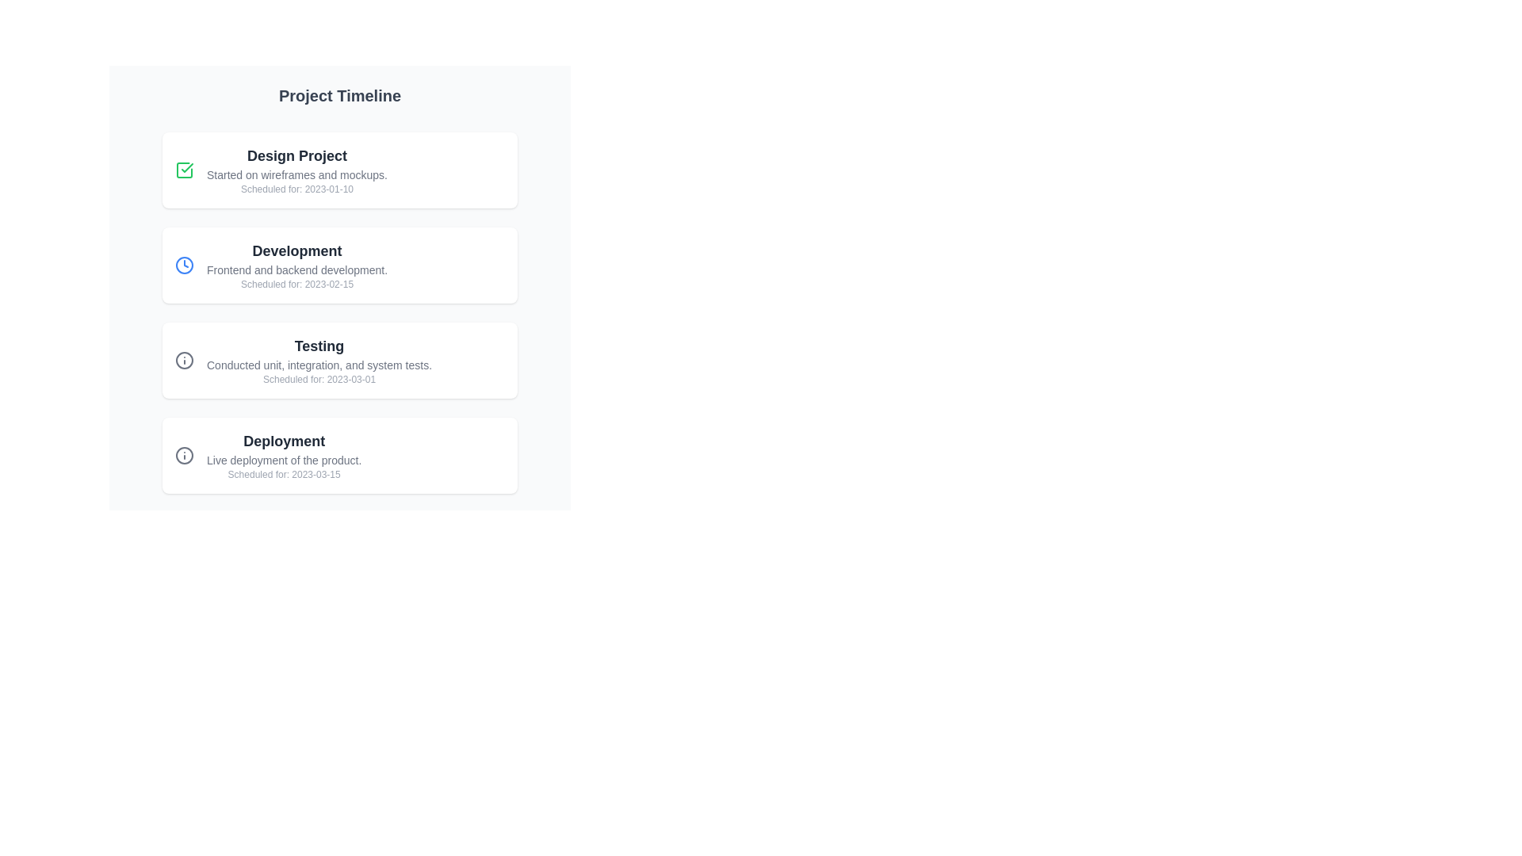  What do you see at coordinates (284, 455) in the screenshot?
I see `the Informational display component titled 'Deployment', which contains a description and a scheduled date, located at the bottom of the vertical list in the interface` at bounding box center [284, 455].